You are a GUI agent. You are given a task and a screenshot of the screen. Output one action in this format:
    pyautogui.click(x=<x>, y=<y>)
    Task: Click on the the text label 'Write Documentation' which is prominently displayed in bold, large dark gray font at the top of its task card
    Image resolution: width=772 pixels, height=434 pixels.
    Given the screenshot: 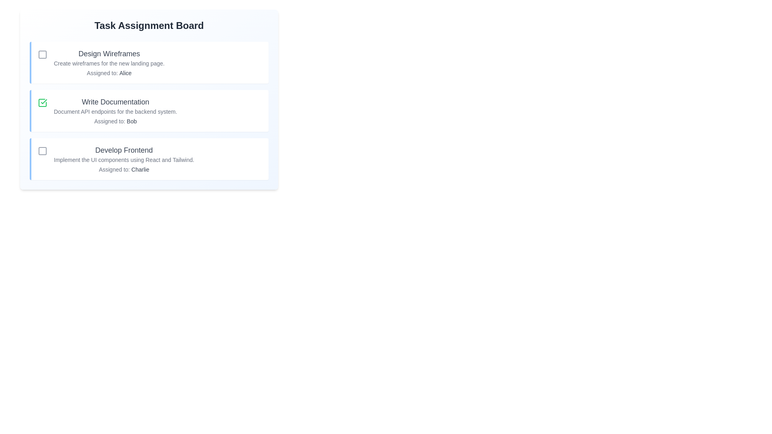 What is the action you would take?
    pyautogui.click(x=115, y=102)
    